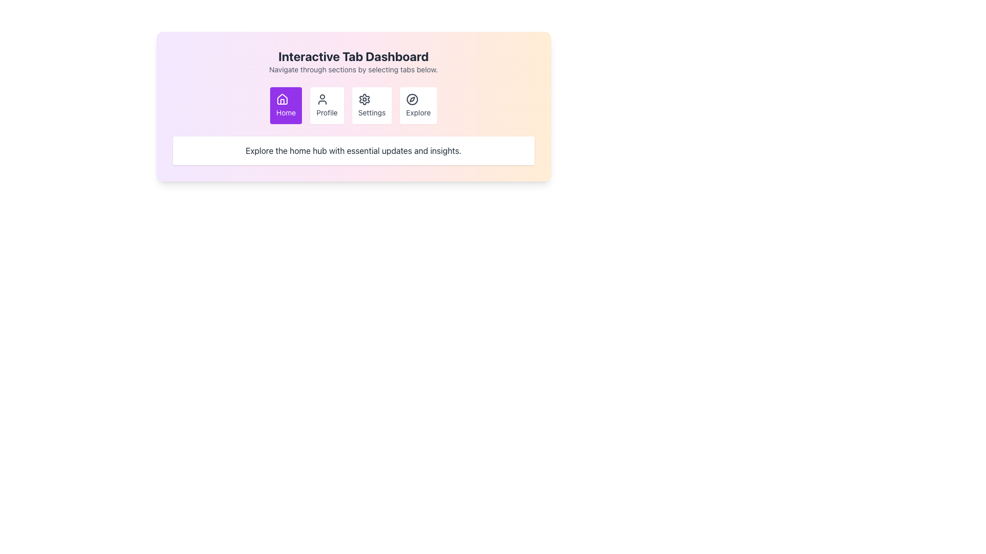  Describe the element at coordinates (419, 105) in the screenshot. I see `the 'Explore' button located in the navigation bar, which is the fourth button from the left` at that location.